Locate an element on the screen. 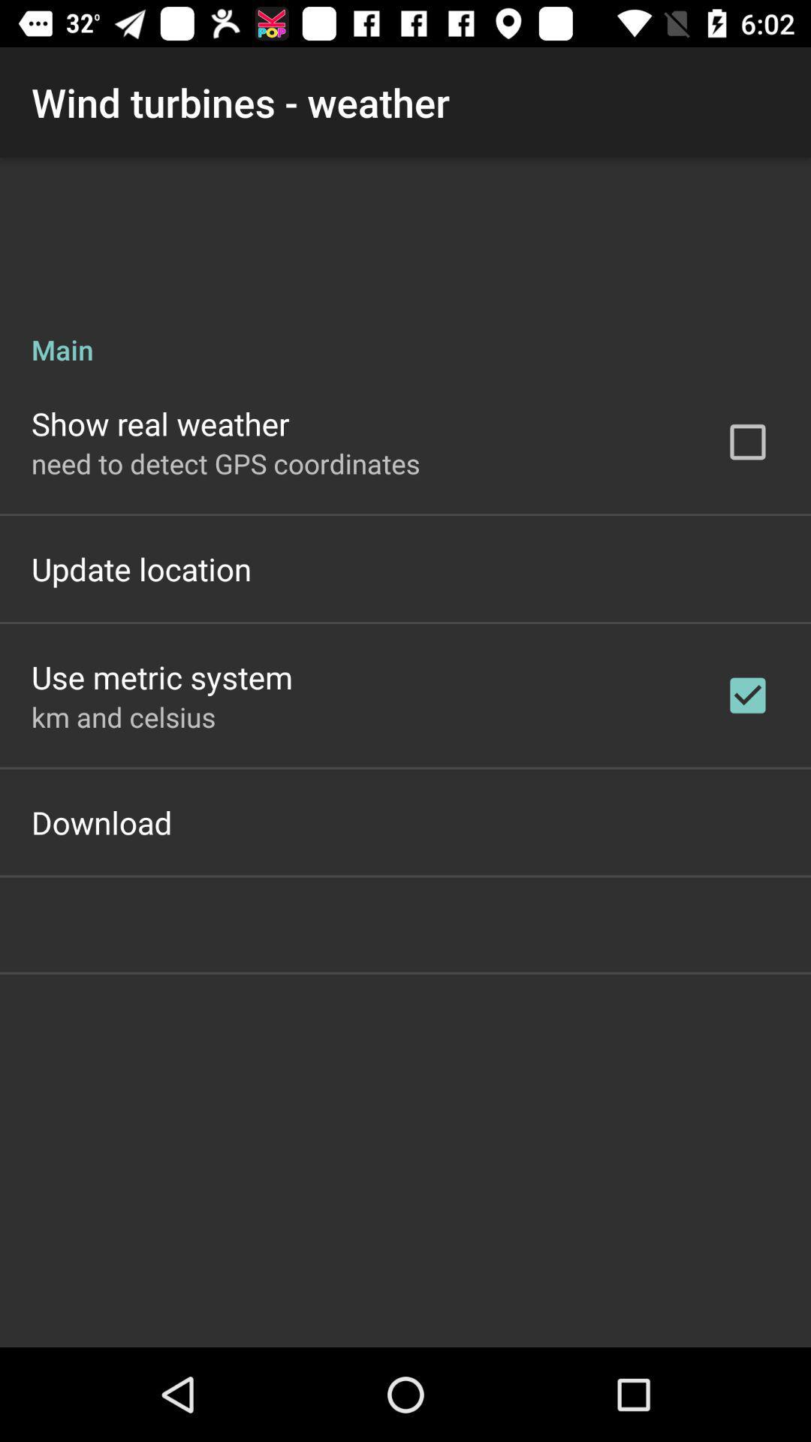 This screenshot has height=1442, width=811. app above download app is located at coordinates (122, 716).